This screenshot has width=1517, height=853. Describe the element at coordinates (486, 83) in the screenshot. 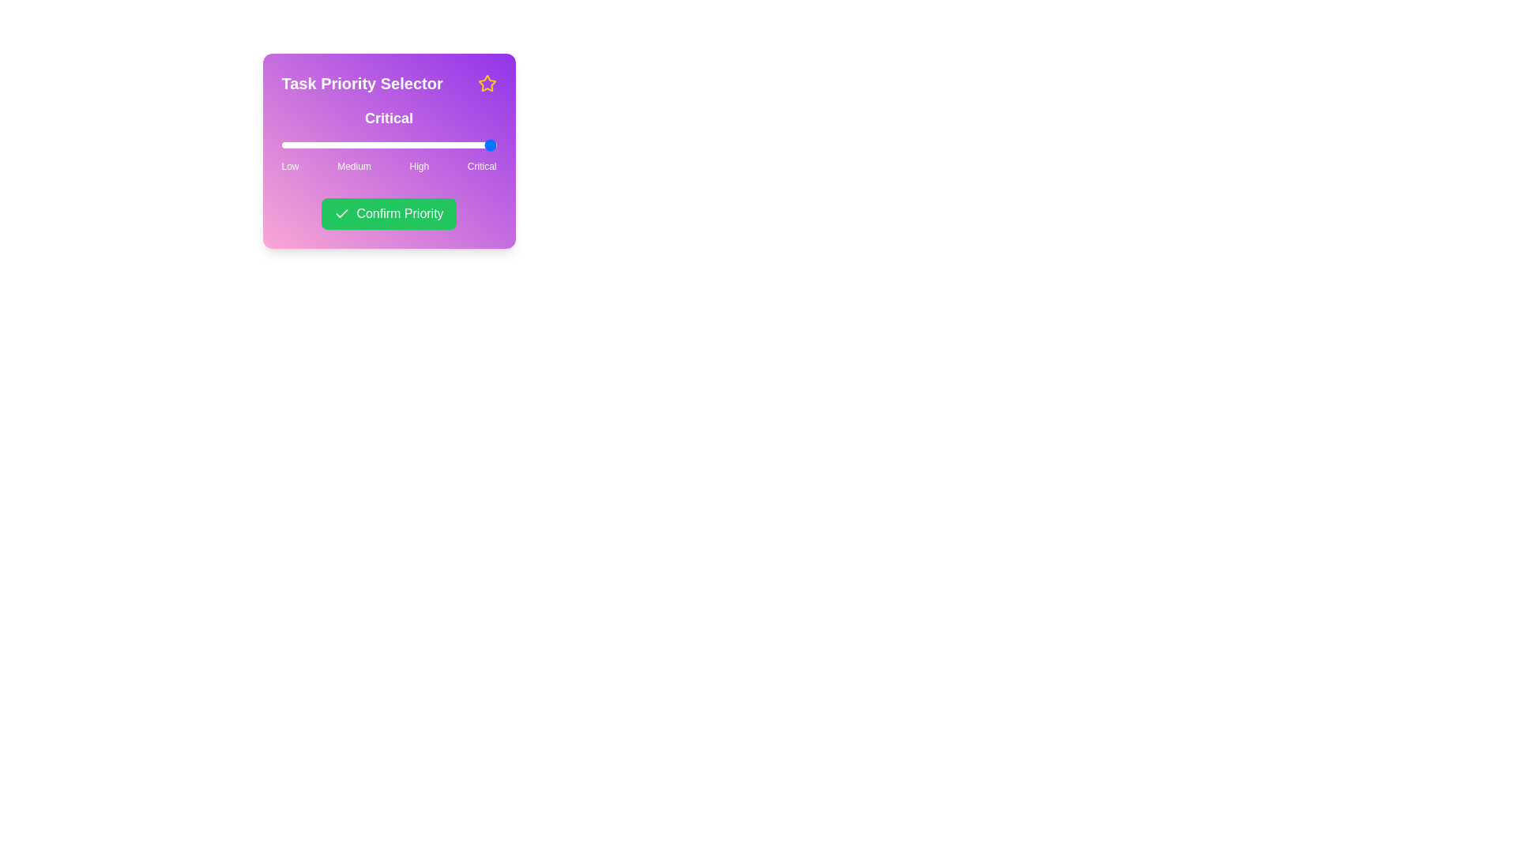

I see `the star icon located in the top-right corner of the task priority selector card` at that location.